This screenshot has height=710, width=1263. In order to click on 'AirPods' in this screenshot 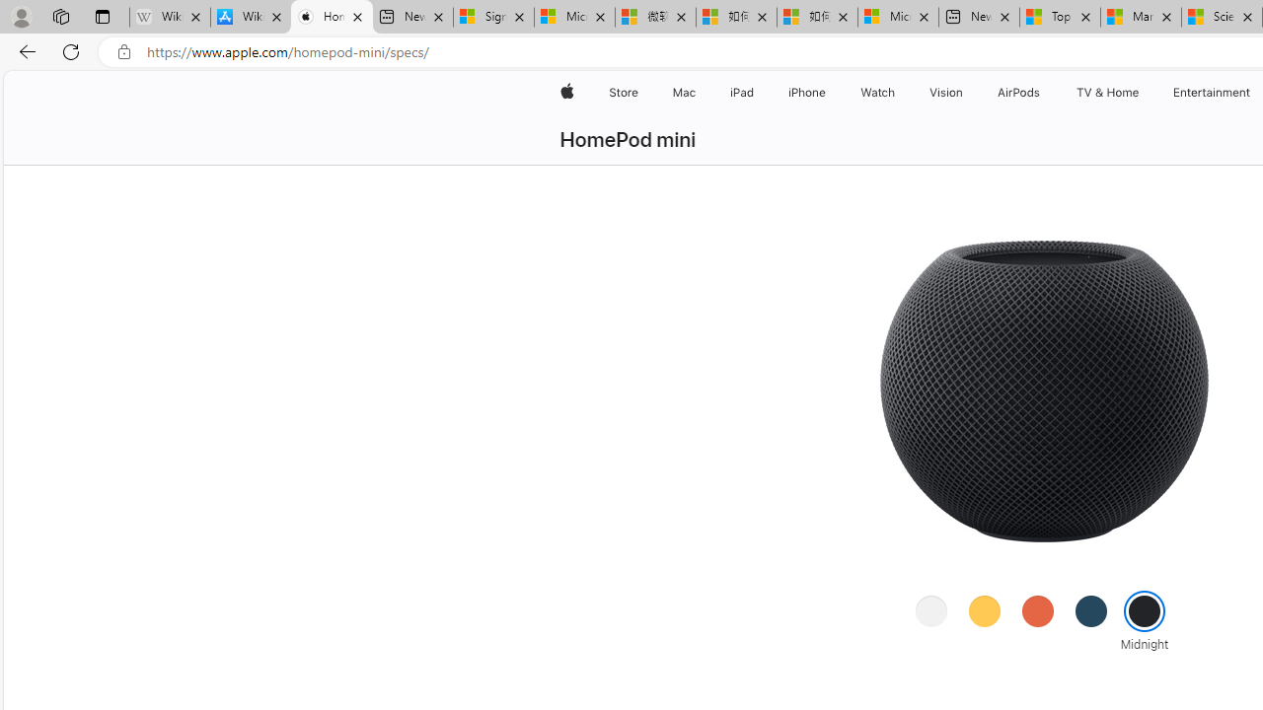, I will do `click(1018, 92)`.